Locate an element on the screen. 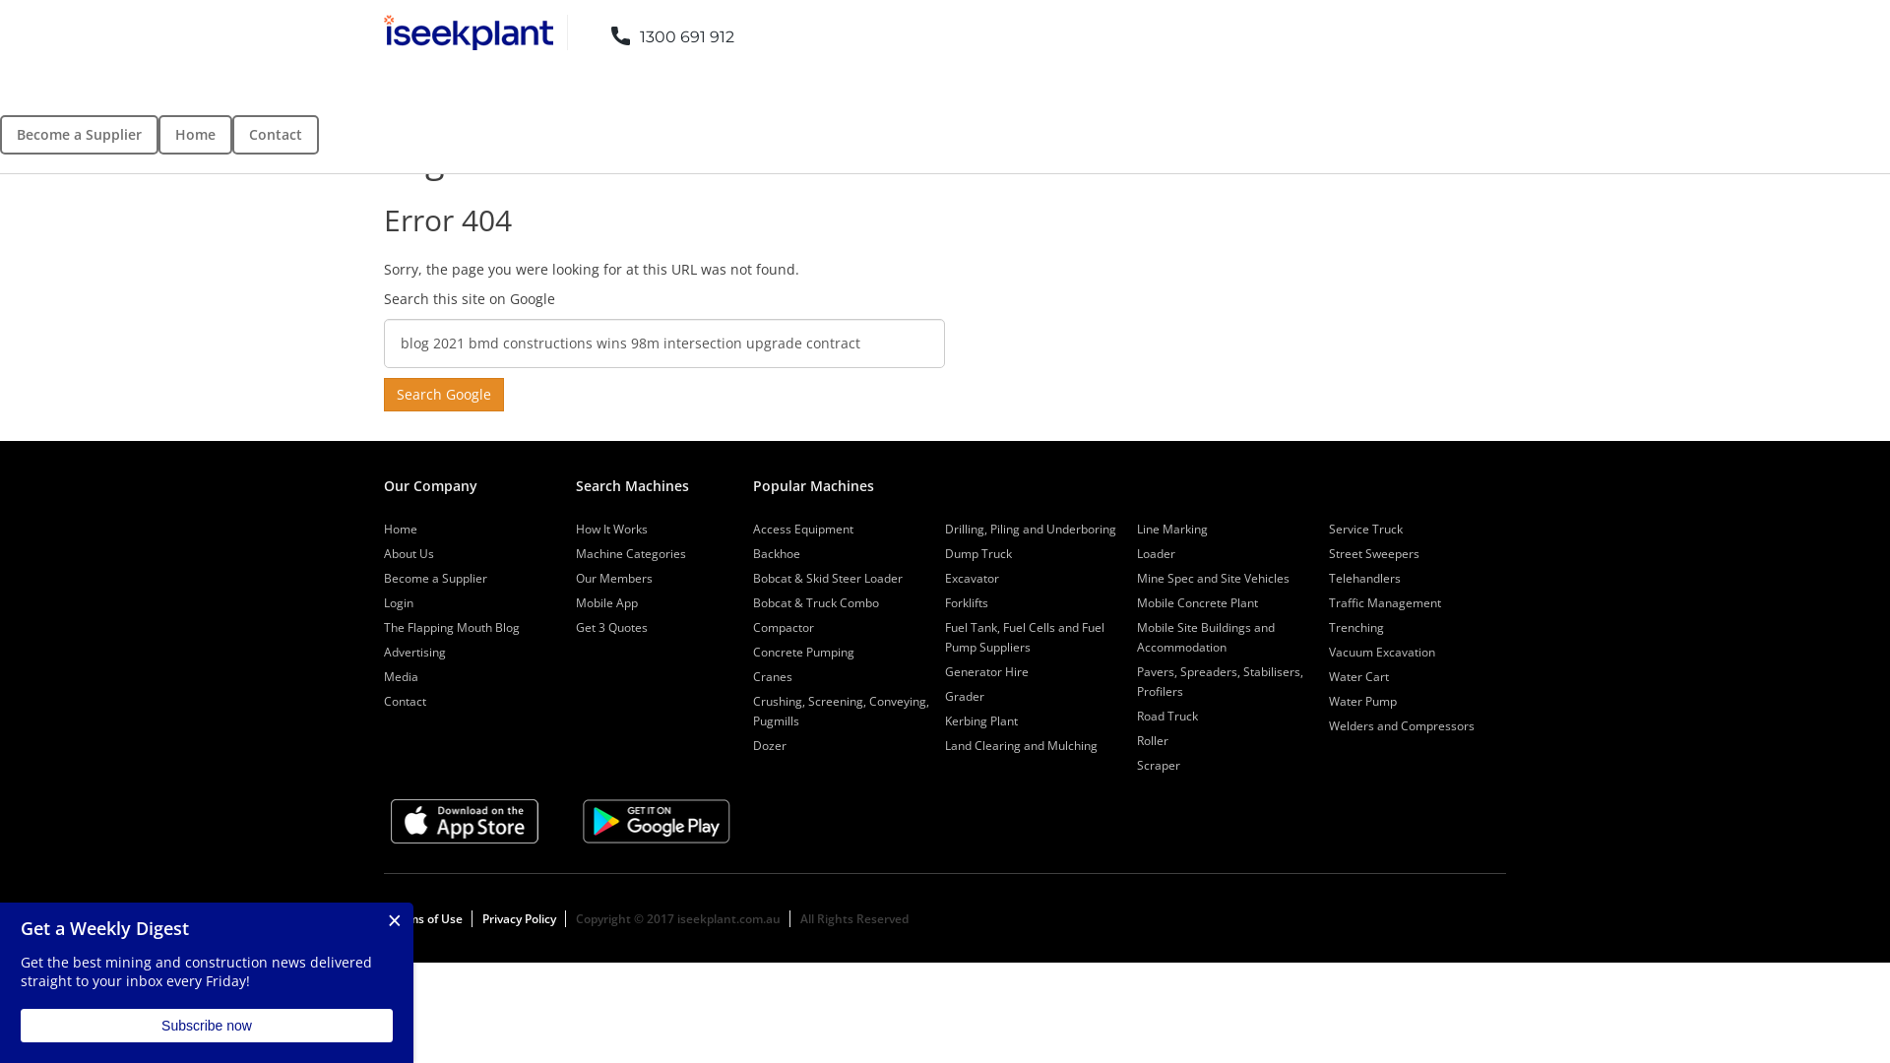 Image resolution: width=1890 pixels, height=1063 pixels. 'Get 3 Quotes' is located at coordinates (575, 627).